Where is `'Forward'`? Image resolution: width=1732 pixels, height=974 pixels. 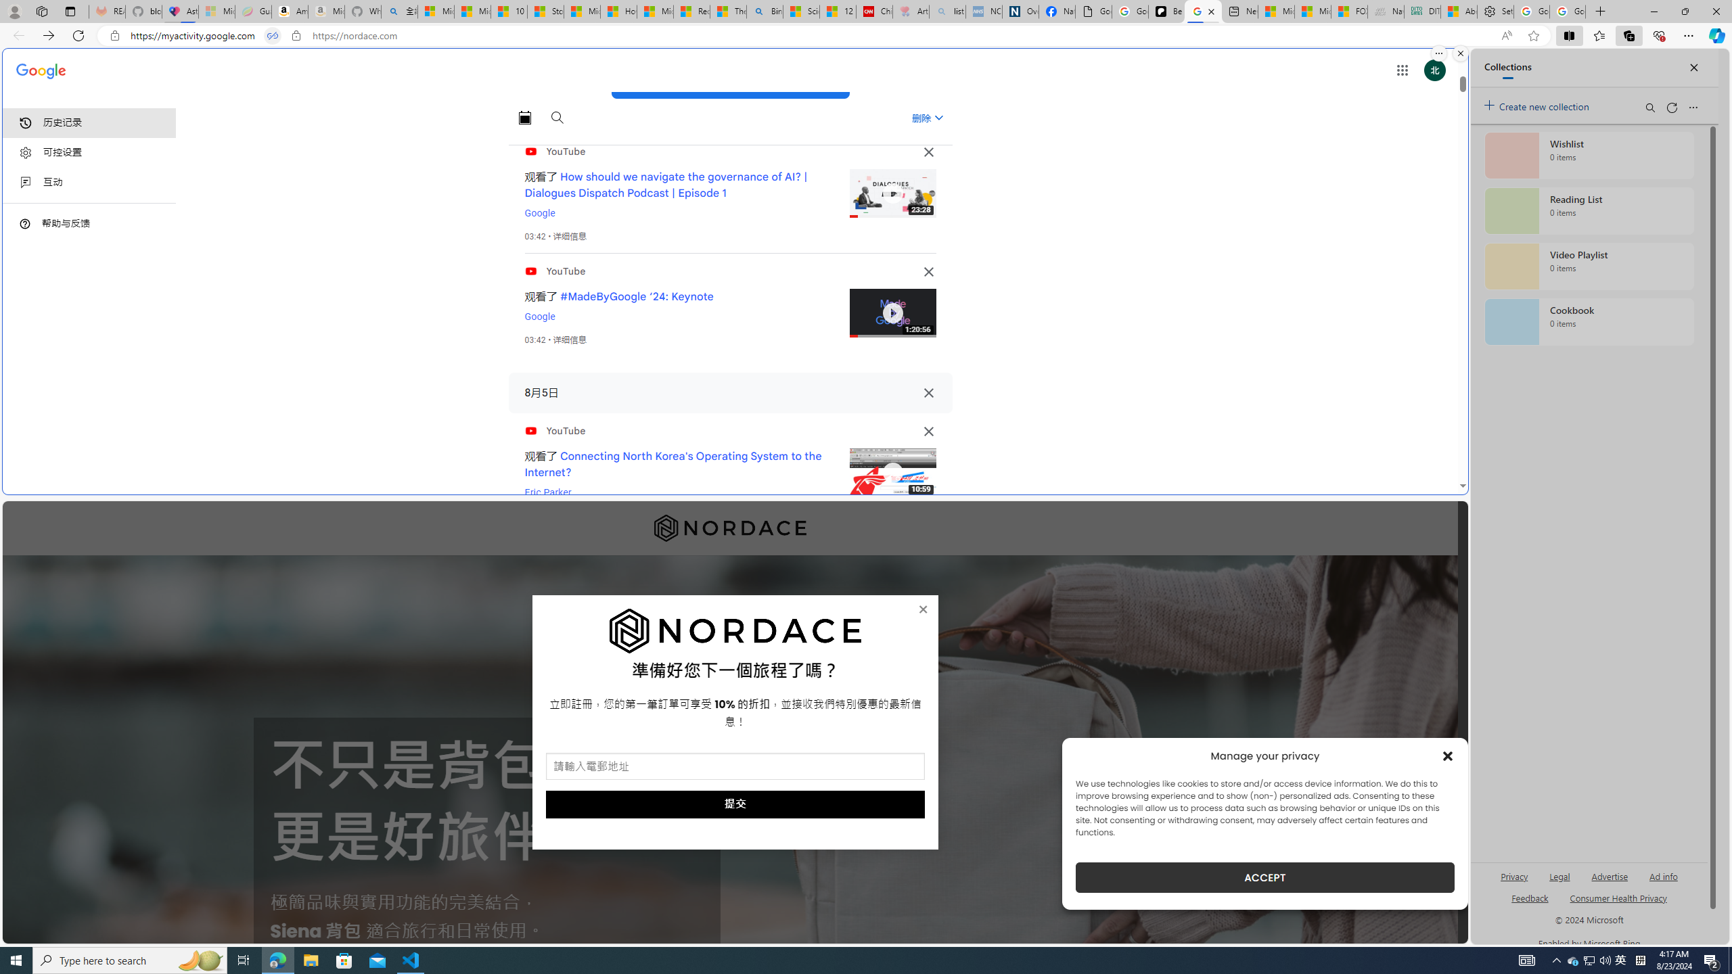
'Forward' is located at coordinates (47, 34).